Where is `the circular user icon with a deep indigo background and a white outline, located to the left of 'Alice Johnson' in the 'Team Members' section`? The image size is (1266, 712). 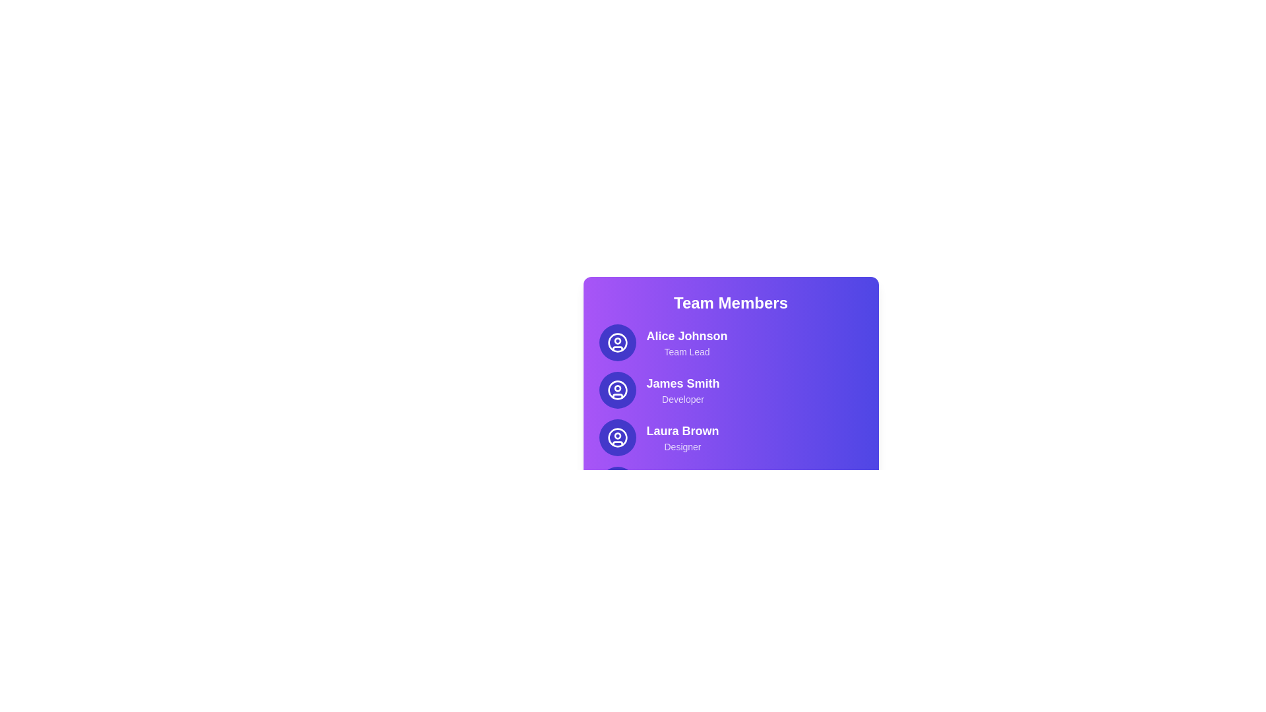 the circular user icon with a deep indigo background and a white outline, located to the left of 'Alice Johnson' in the 'Team Members' section is located at coordinates (617, 342).